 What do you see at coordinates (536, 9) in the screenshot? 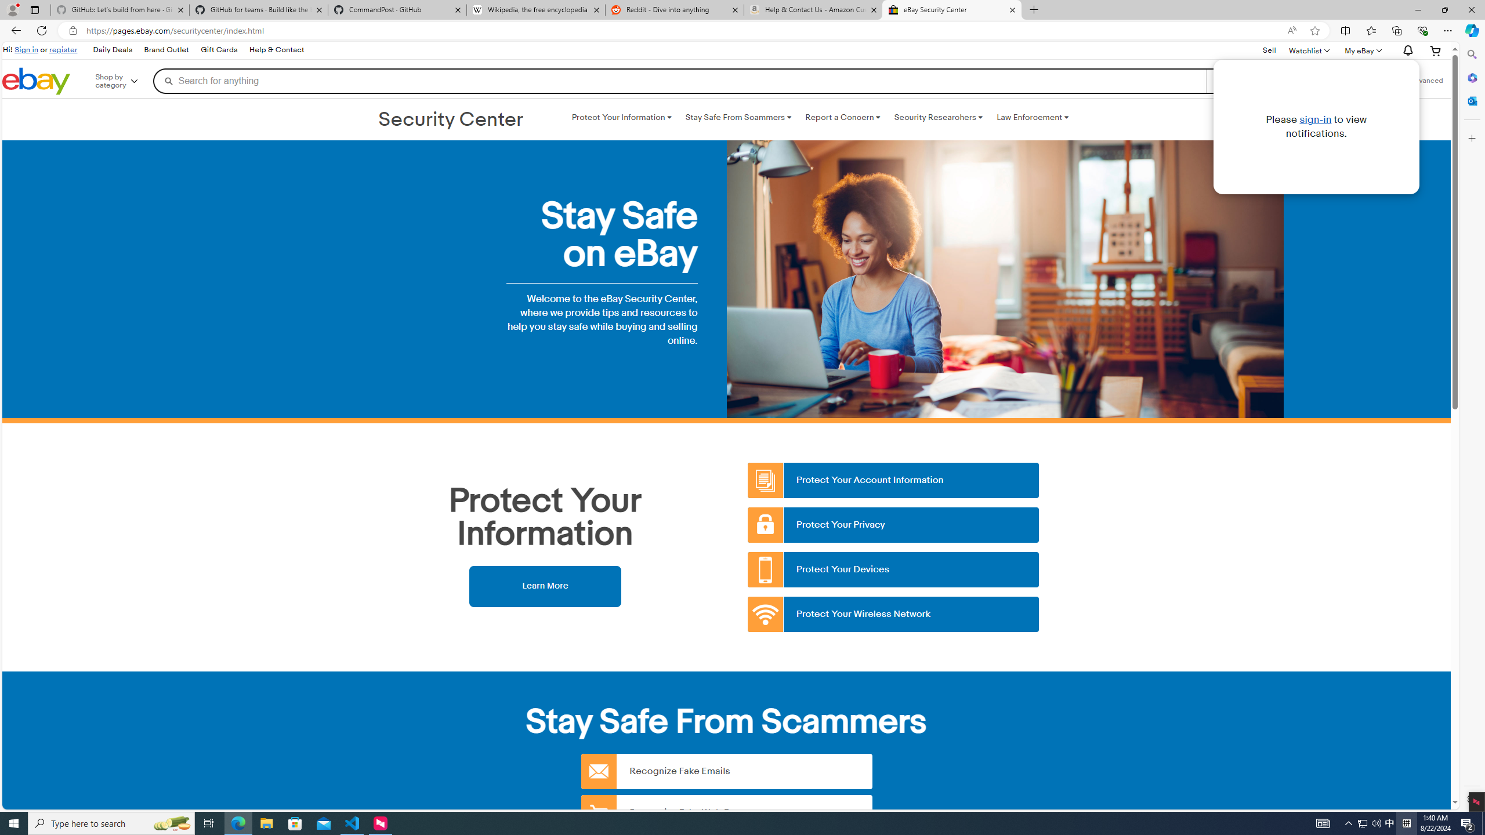
I see `'Wikipedia, the free encyclopedia'` at bounding box center [536, 9].